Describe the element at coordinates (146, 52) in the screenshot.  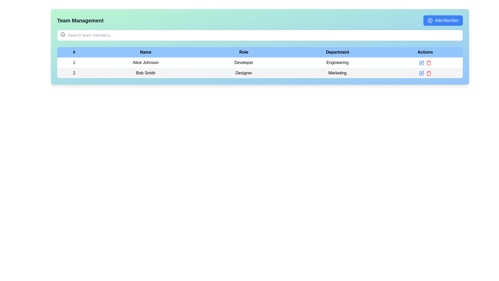
I see `the 'Name' text label in the header bar of the table, which categorizes the corresponding data beneath it` at that location.